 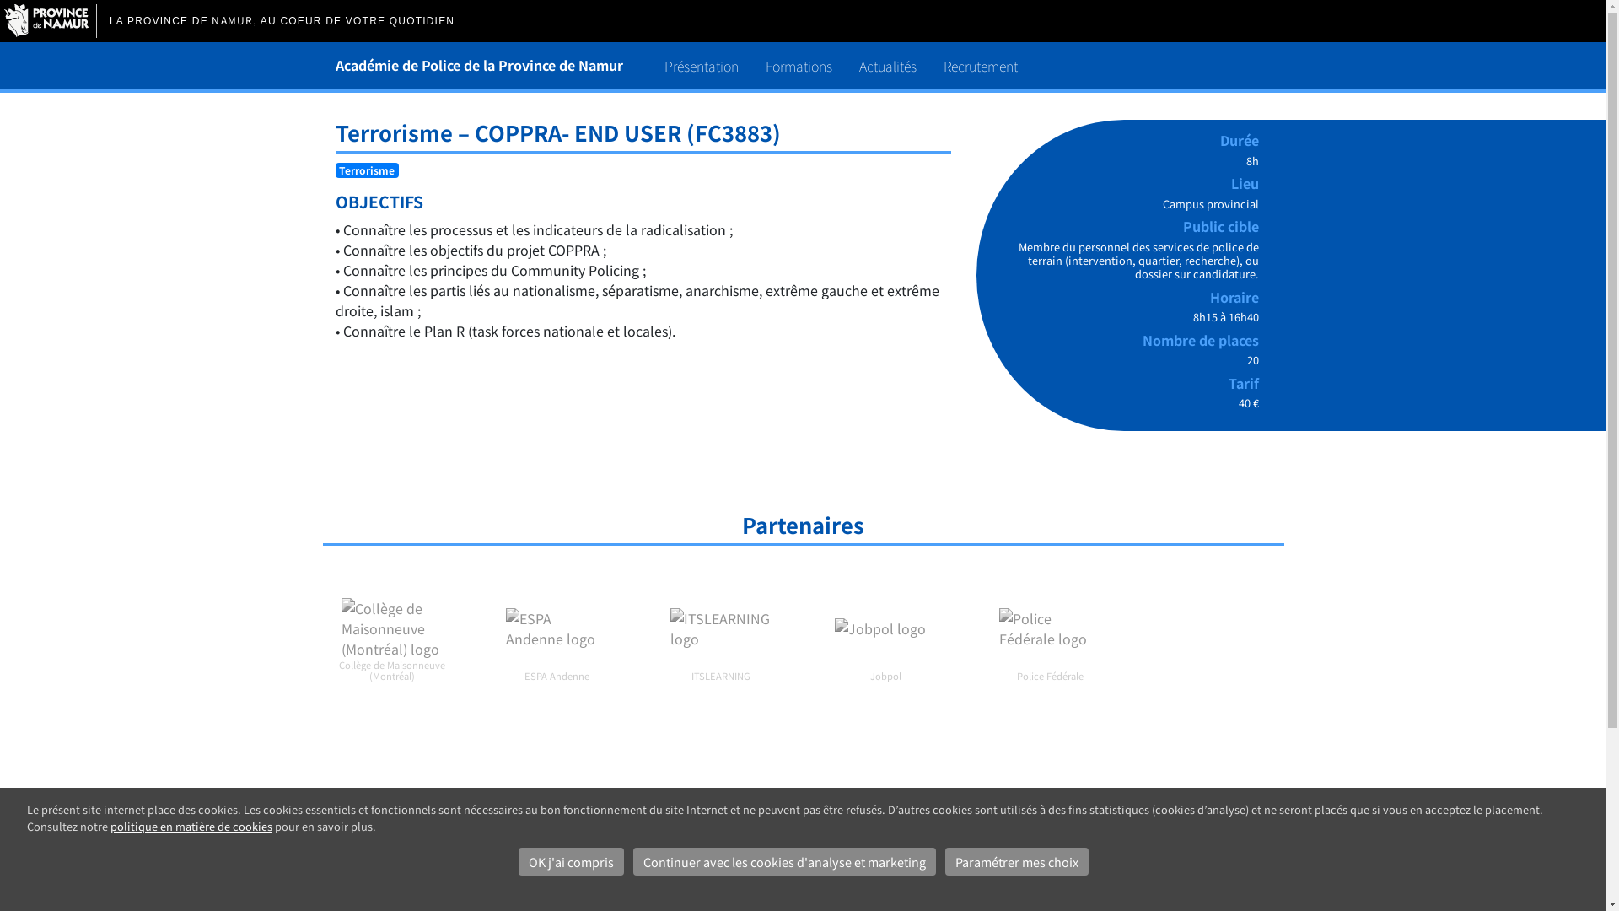 What do you see at coordinates (517, 862) in the screenshot?
I see `'OK j'ai compris'` at bounding box center [517, 862].